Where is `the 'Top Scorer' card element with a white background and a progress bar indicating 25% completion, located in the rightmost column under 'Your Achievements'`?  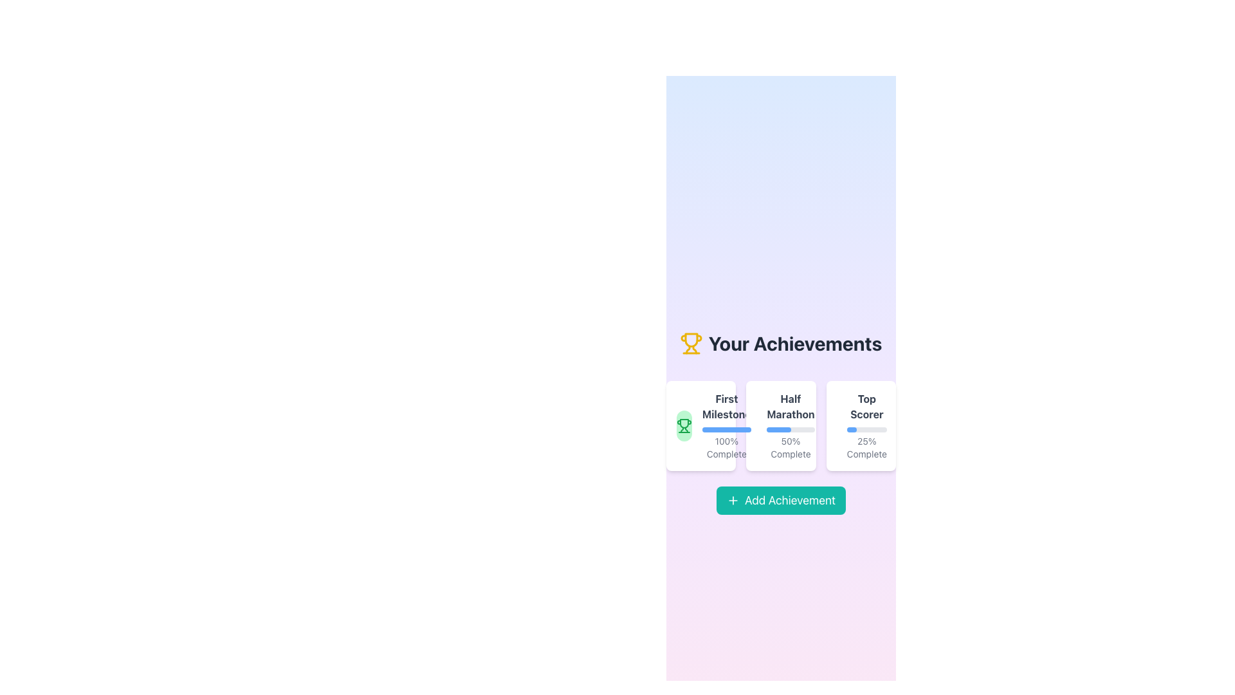
the 'Top Scorer' card element with a white background and a progress bar indicating 25% completion, located in the rightmost column under 'Your Achievements' is located at coordinates (861, 426).